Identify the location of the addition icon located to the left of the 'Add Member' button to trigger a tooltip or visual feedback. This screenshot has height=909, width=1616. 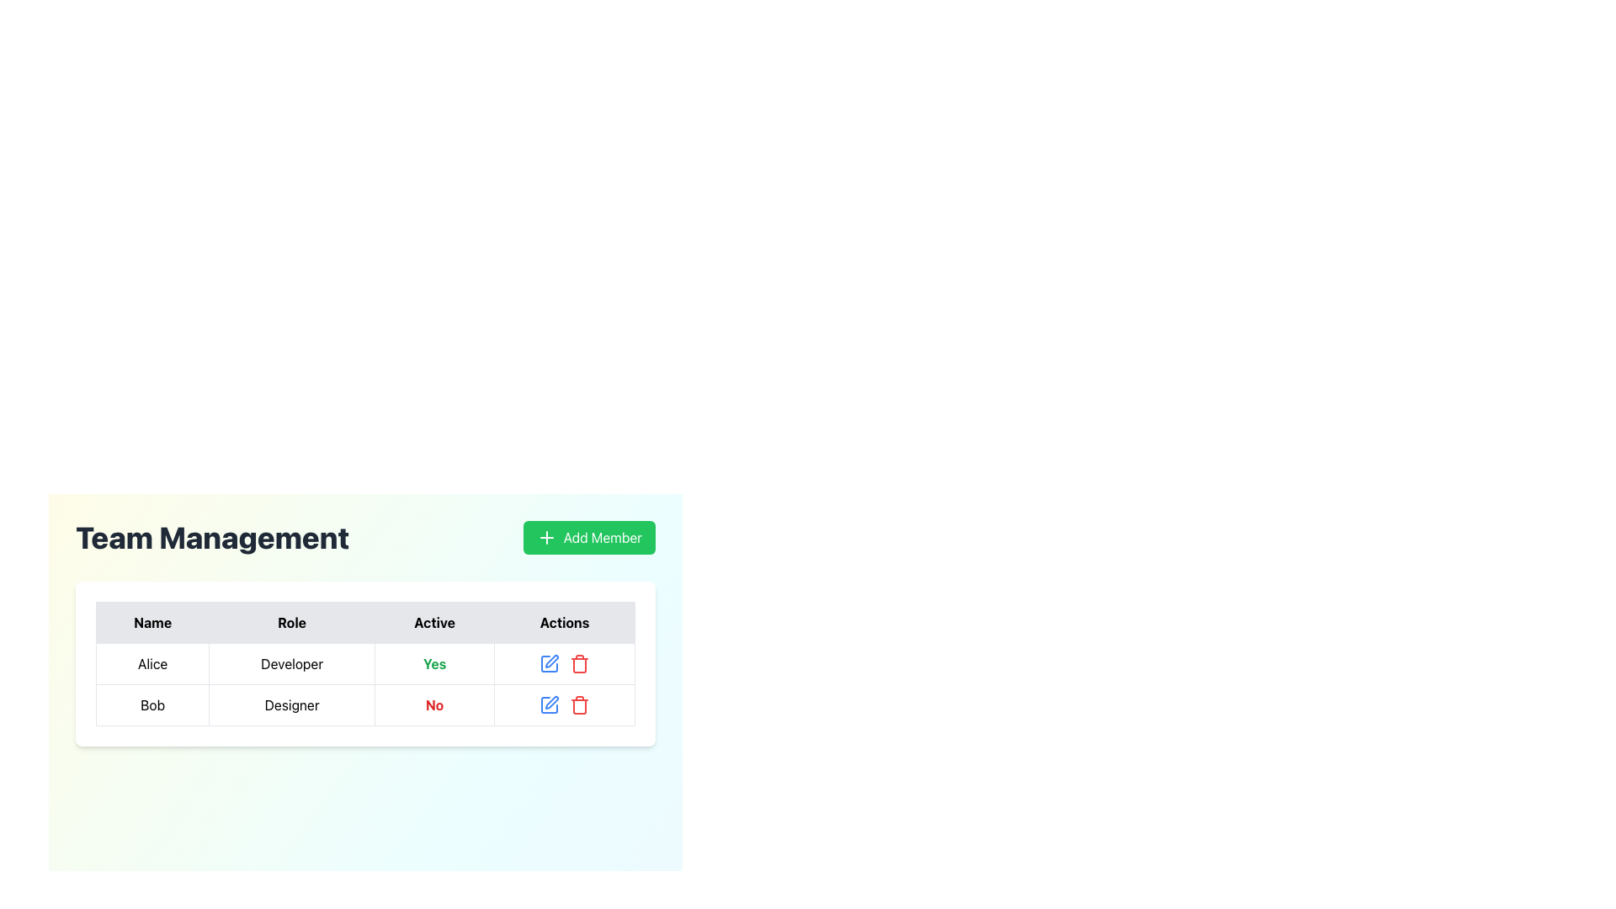
(546, 538).